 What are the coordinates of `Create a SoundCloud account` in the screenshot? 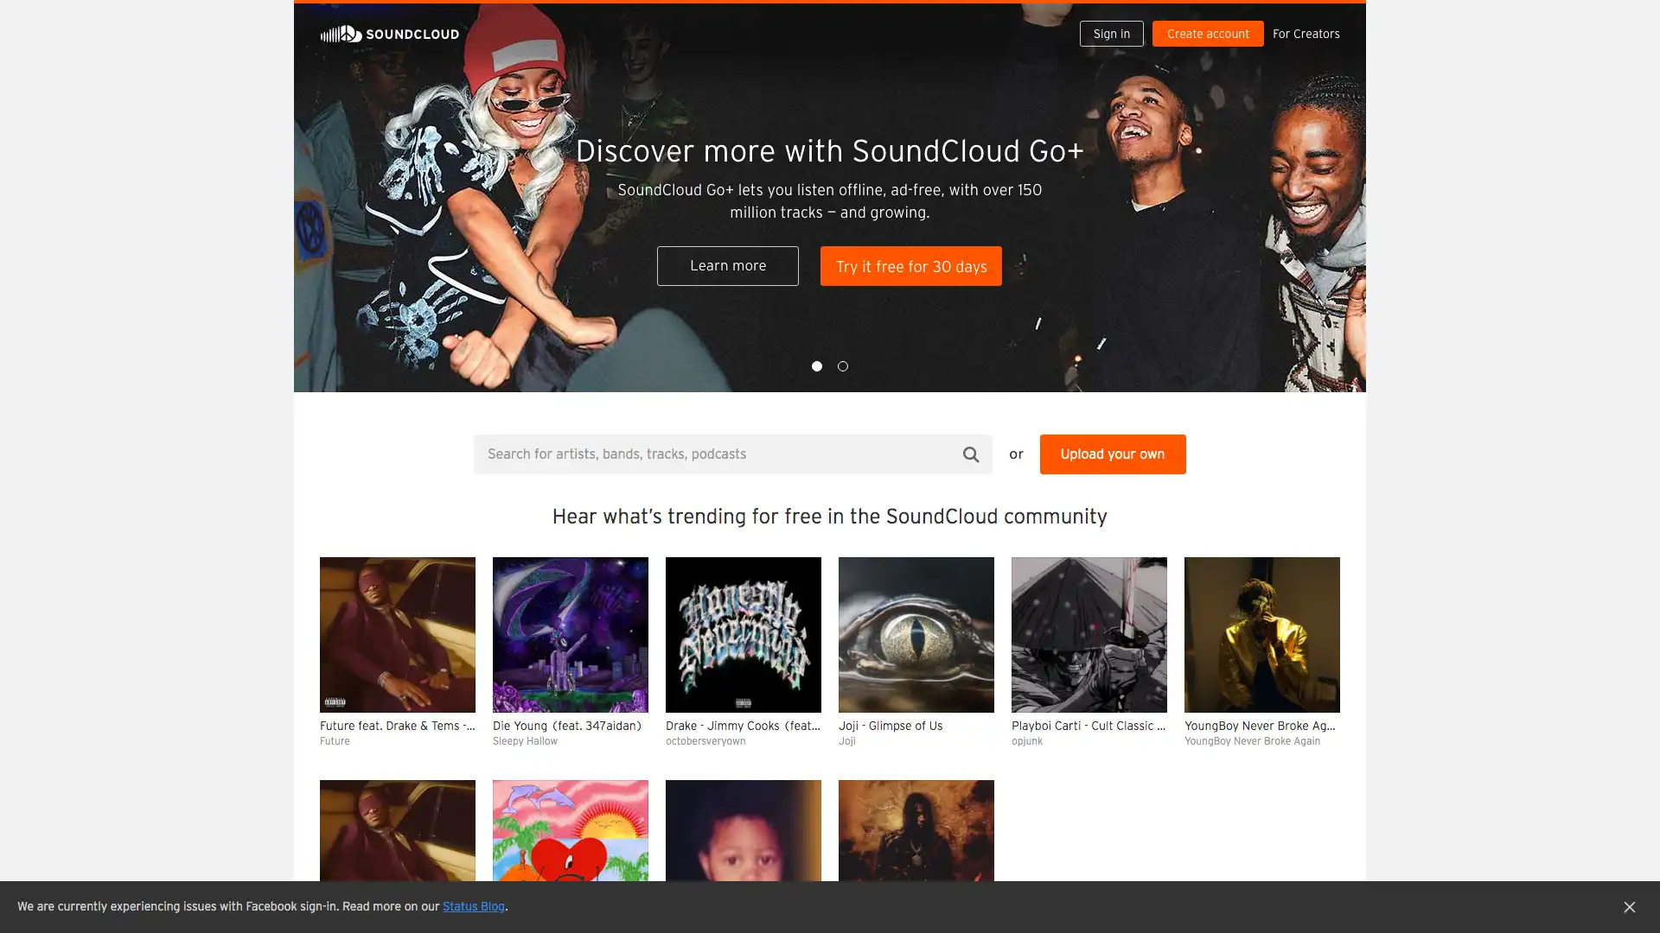 It's located at (1207, 33).